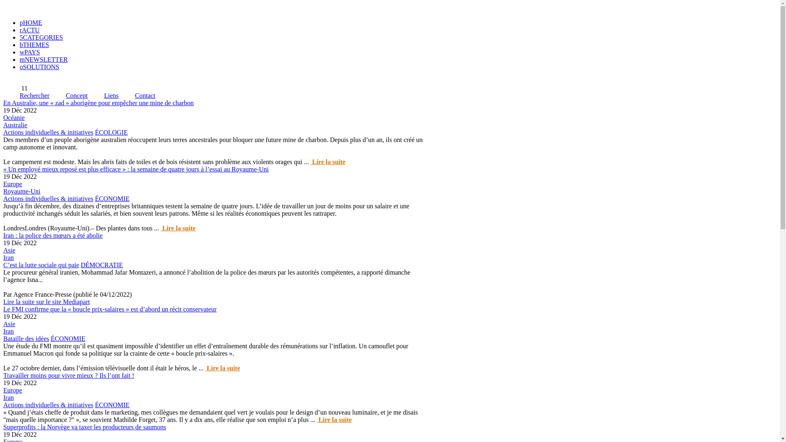 The height and width of the screenshot is (442, 786). I want to click on ' Lire la suite', so click(177, 228).